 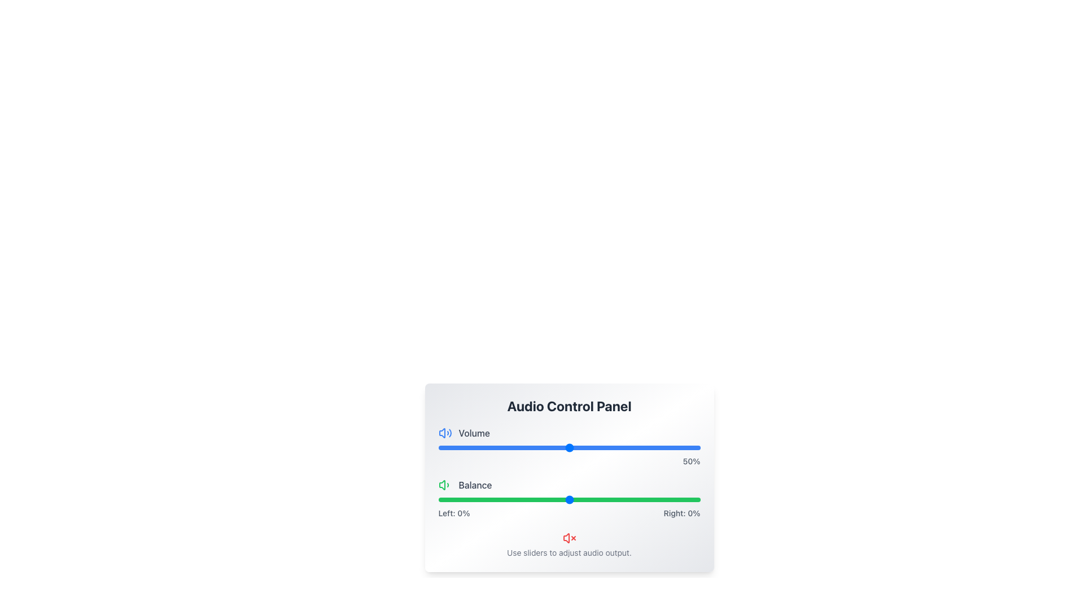 What do you see at coordinates (498, 447) in the screenshot?
I see `the volume` at bounding box center [498, 447].